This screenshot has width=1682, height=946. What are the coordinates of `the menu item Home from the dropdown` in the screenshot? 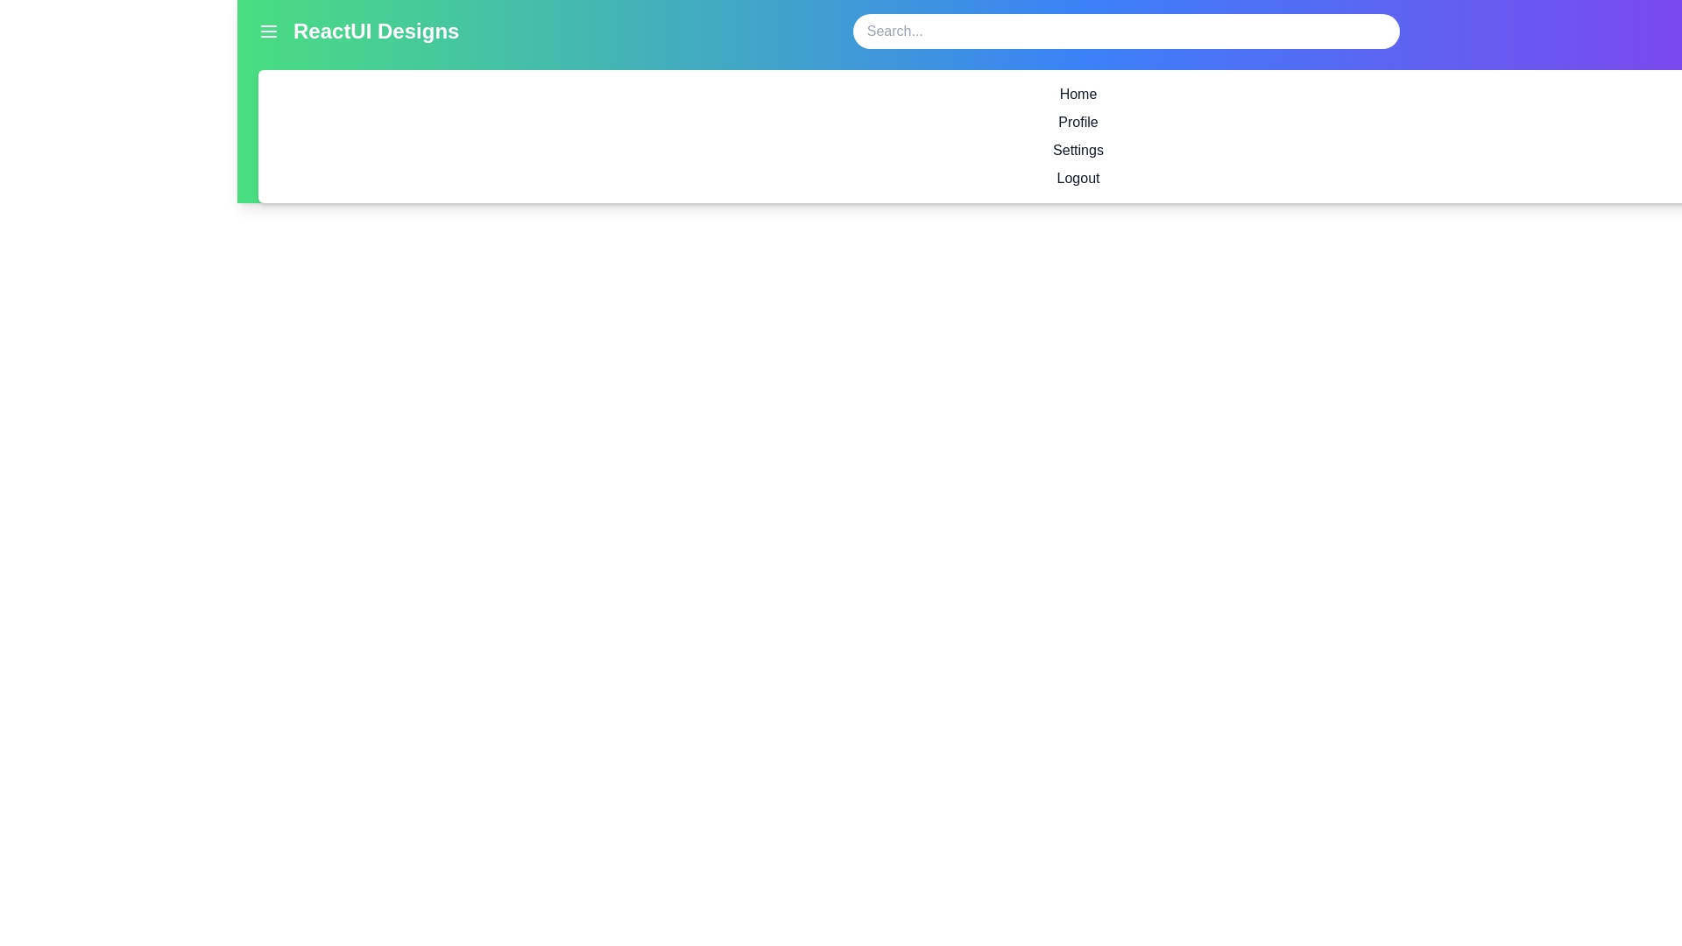 It's located at (1077, 95).